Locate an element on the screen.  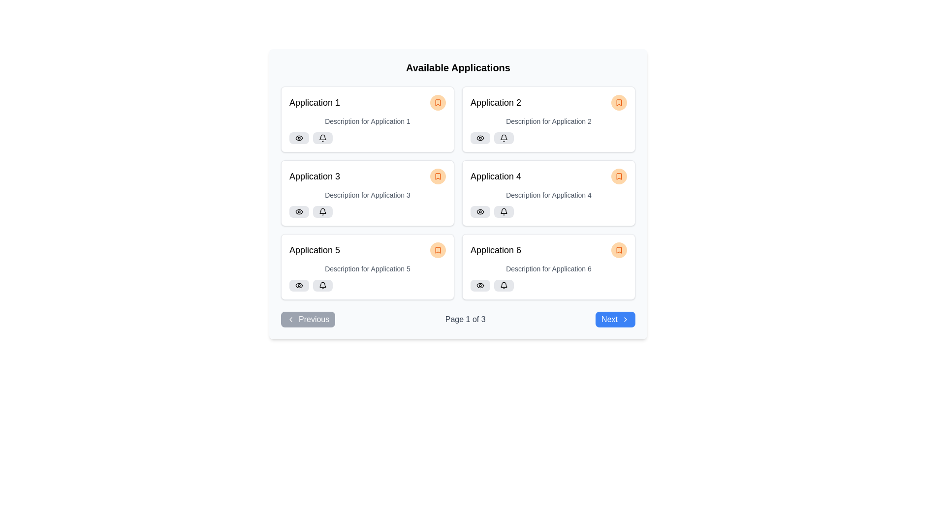
the static text header that indicates the purpose of the application cards section is located at coordinates (458, 67).